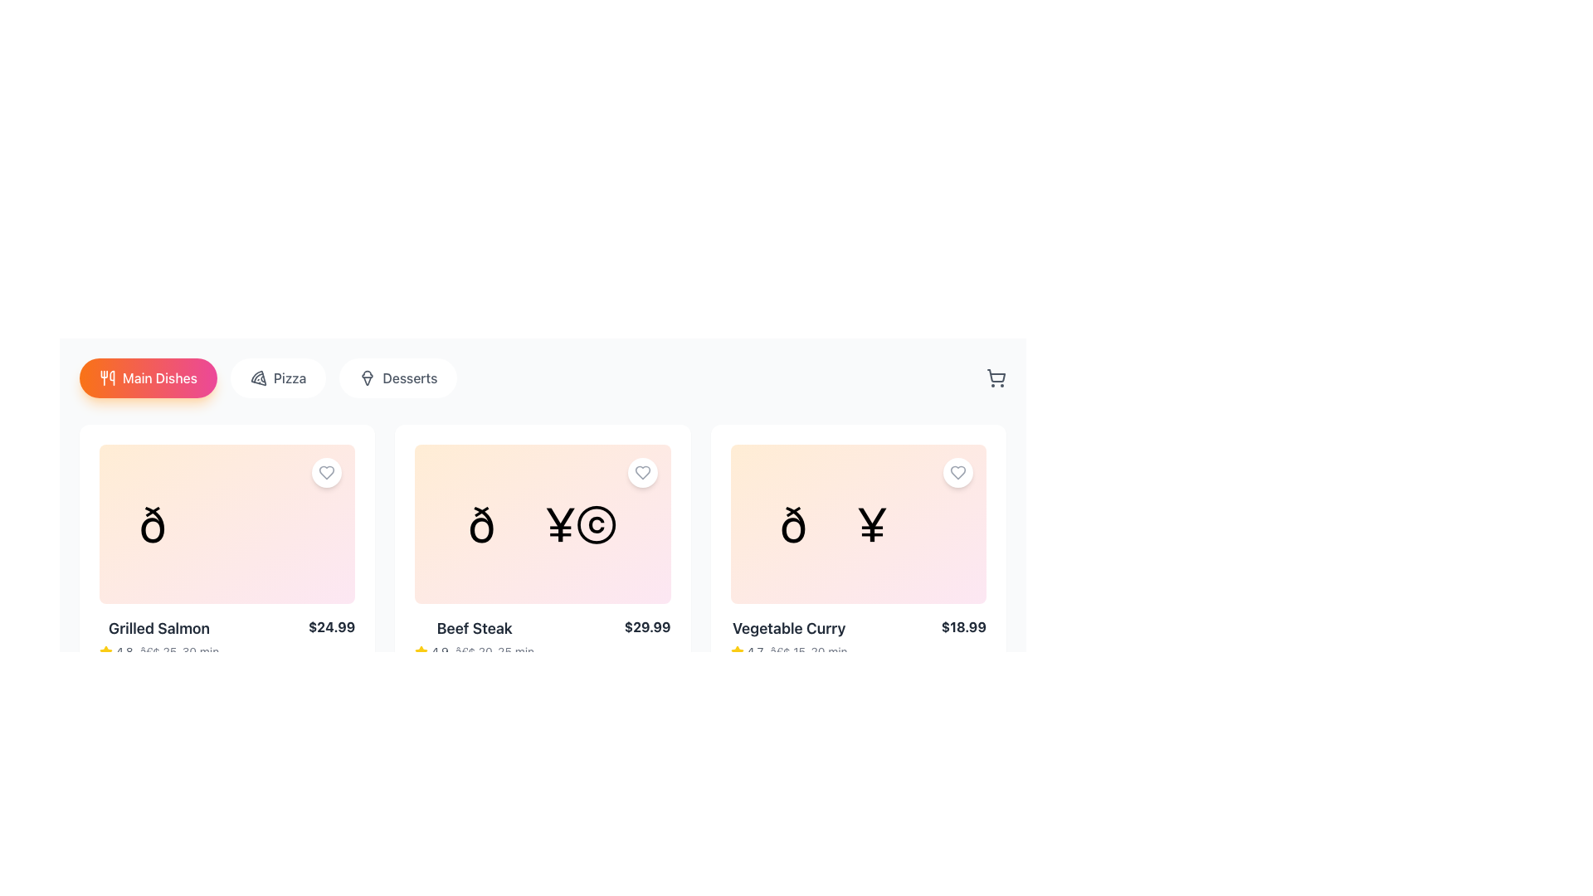 This screenshot has height=896, width=1593. I want to click on the text label displaying the rating and estimated delivery time for the 'Grilled Salmon' dish, located towards the bottom left of its details block, so click(159, 651).